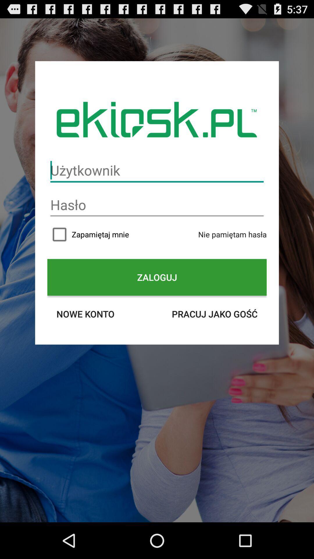 The image size is (314, 559). I want to click on button to the right of nowe konto button, so click(215, 314).